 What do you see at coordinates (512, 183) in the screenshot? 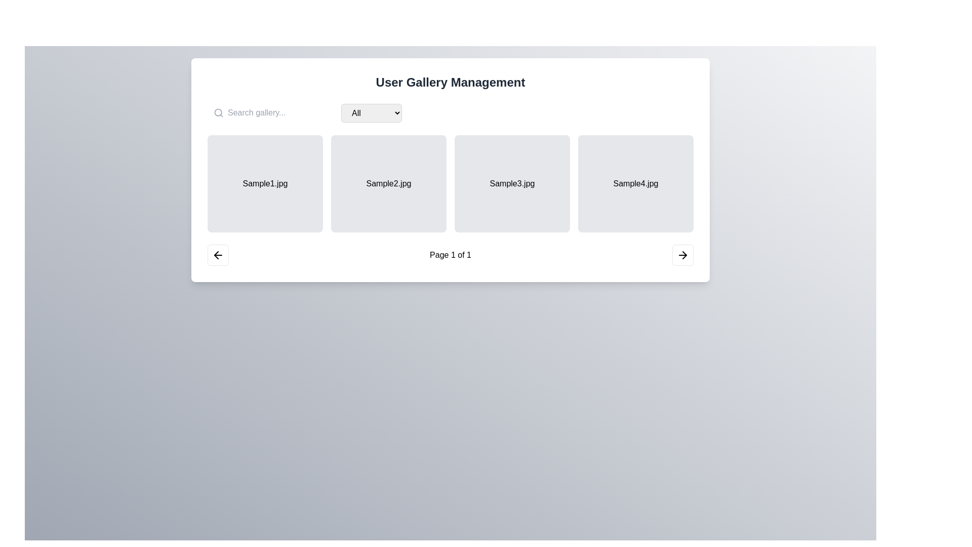
I see `the Card element displaying 'Sample3.jpg', which is a rectangular card with rounded edges and a light gray background, located in the User Gallery Management panel` at bounding box center [512, 183].